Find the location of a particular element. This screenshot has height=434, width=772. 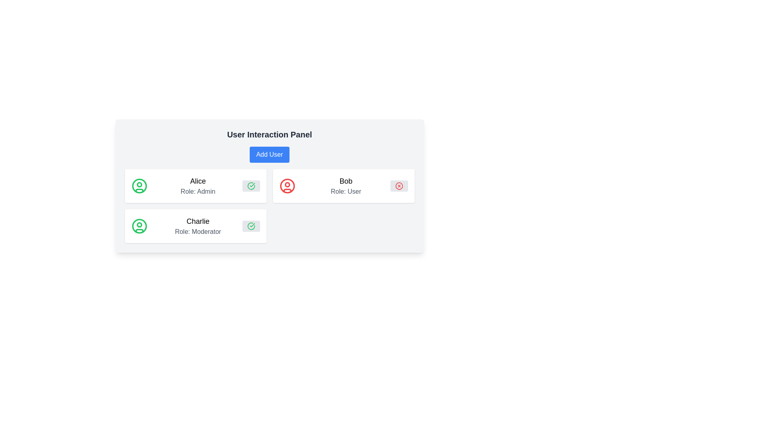

the inner portion of the user profile icon representing 'Alice' under the 'Role: Admin' label, located in the top-left user card of the 'User Interaction Panel' is located at coordinates (139, 186).